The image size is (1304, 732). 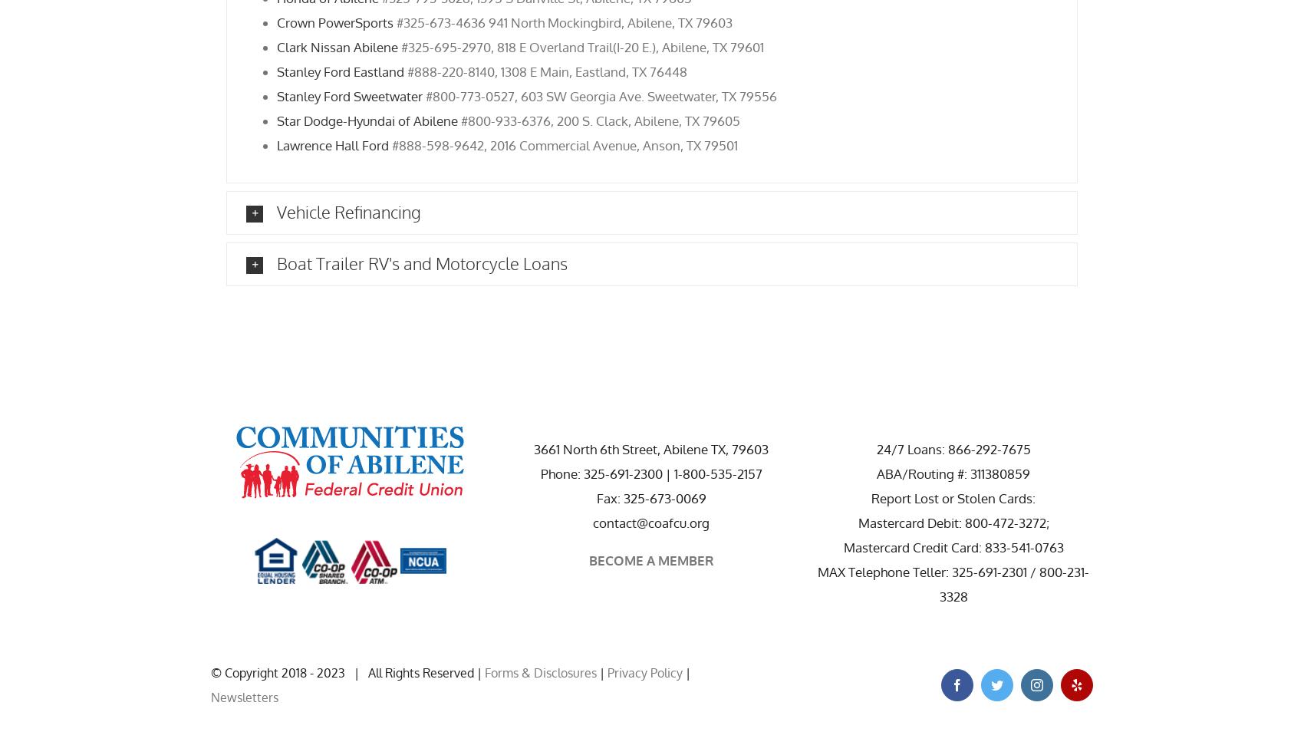 I want to click on 'Phone: 325-691-2300 | 1-800-535-2157', so click(x=650, y=472).